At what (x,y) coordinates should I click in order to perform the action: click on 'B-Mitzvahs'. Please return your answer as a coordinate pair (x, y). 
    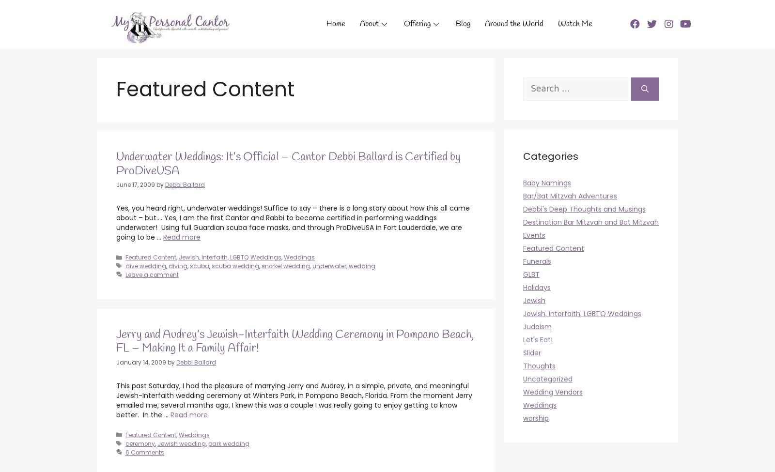
    Looking at the image, I should click on (374, 50).